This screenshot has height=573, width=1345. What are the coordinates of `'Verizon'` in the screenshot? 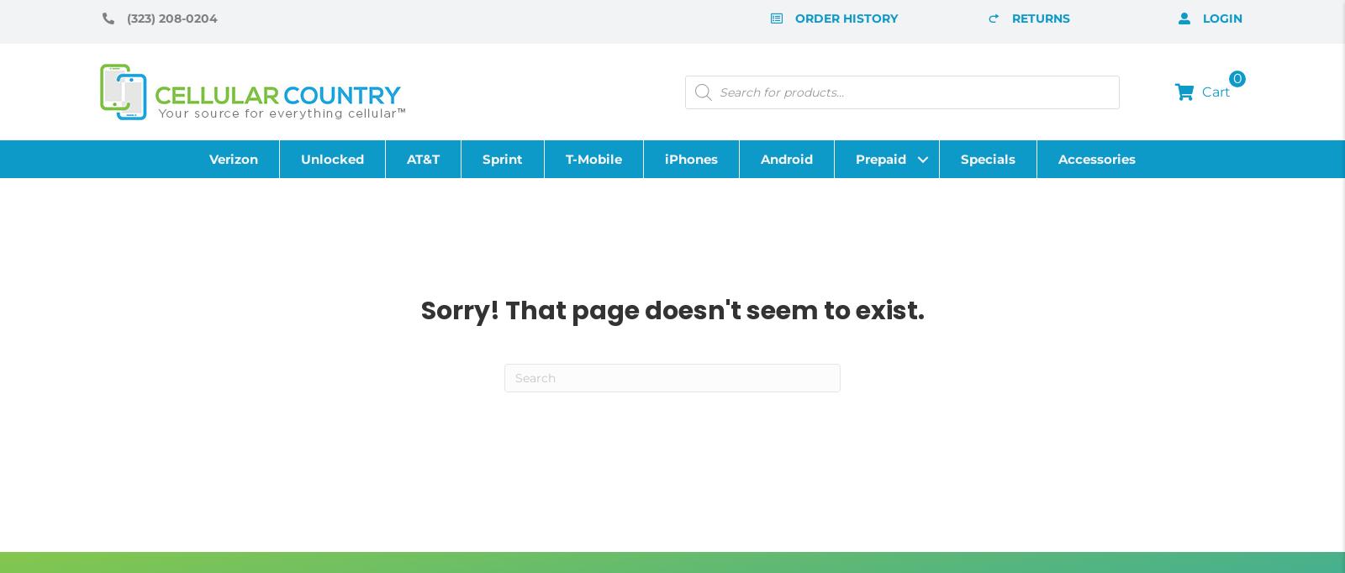 It's located at (208, 159).